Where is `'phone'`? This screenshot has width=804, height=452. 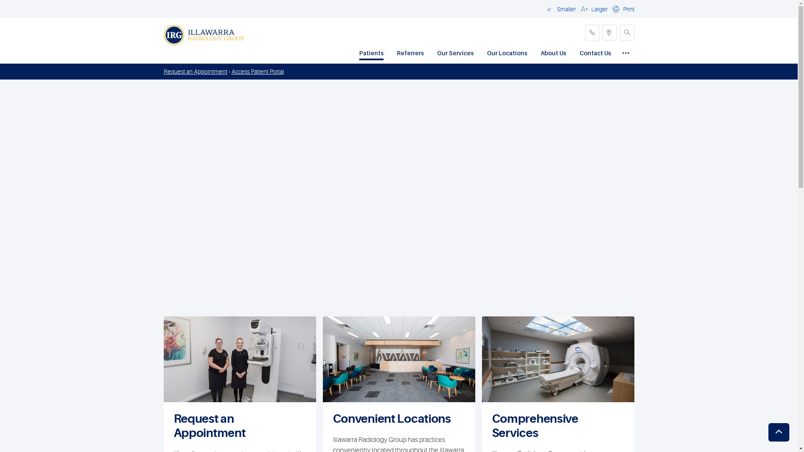 'phone' is located at coordinates (591, 32).